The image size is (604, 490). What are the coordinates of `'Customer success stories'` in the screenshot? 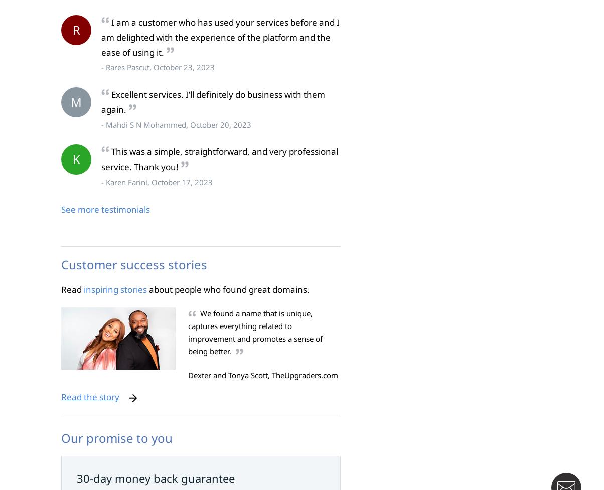 It's located at (61, 263).